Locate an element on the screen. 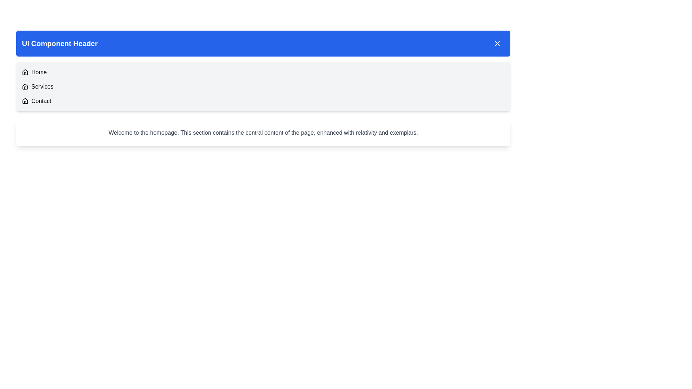 This screenshot has width=692, height=389. the 'Contact' menu entry, which is the third item in the vertical navigation list is located at coordinates (263, 101).